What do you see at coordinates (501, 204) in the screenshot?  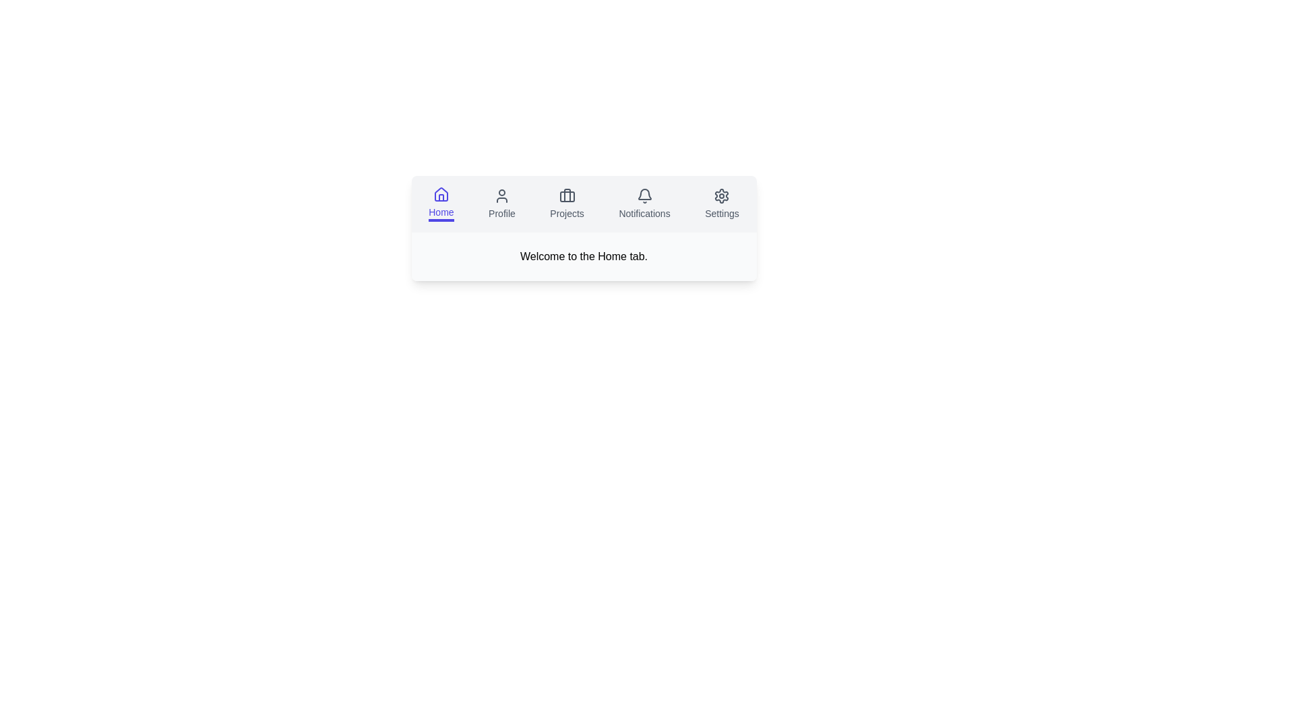 I see `the Profile Navigation button` at bounding box center [501, 204].